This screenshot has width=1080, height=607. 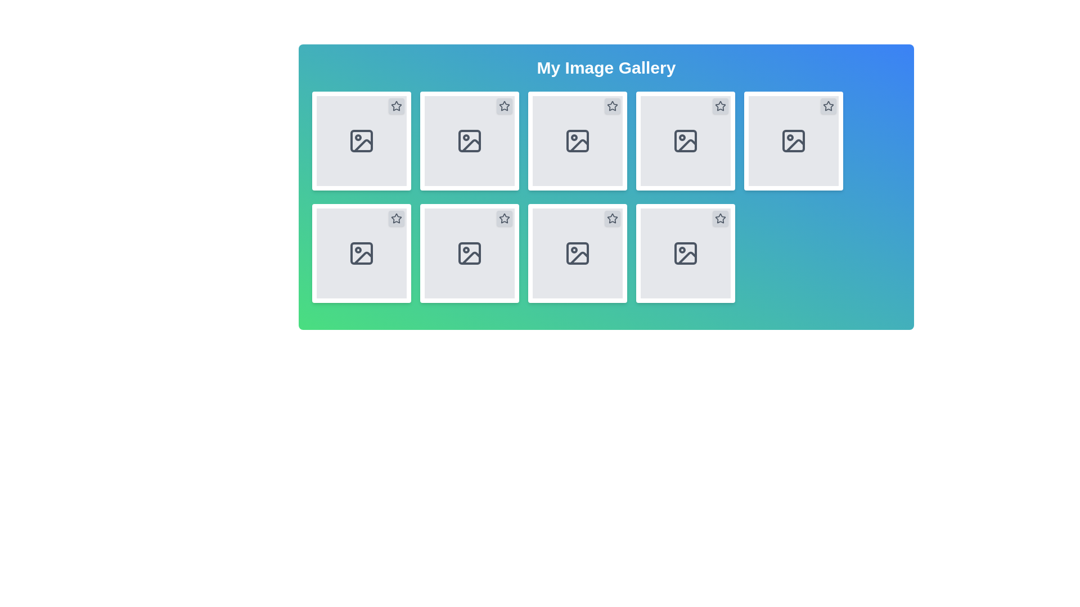 I want to click on the icon part represented by the SVG rectangle with rounded corners located in the bottom-left corner of a 3x3 grid layout, so click(x=362, y=253).